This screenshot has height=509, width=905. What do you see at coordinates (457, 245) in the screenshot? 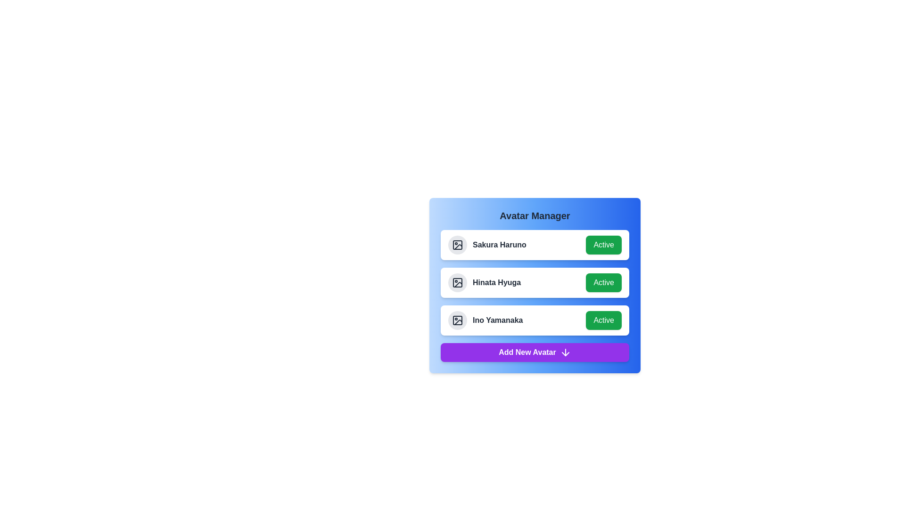
I see `the SVG rectangle with rounded corners located beside the name 'Sakura Haruno' and the green 'Active' button in the first row of the list` at bounding box center [457, 245].